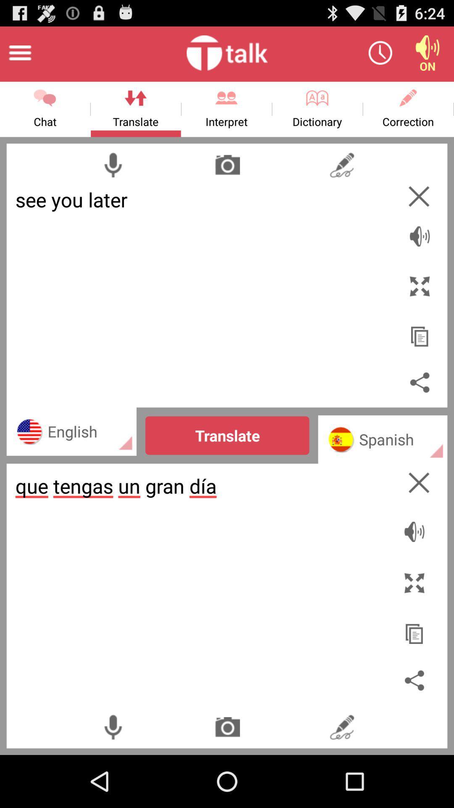  What do you see at coordinates (419, 210) in the screenshot?
I see `the close icon` at bounding box center [419, 210].